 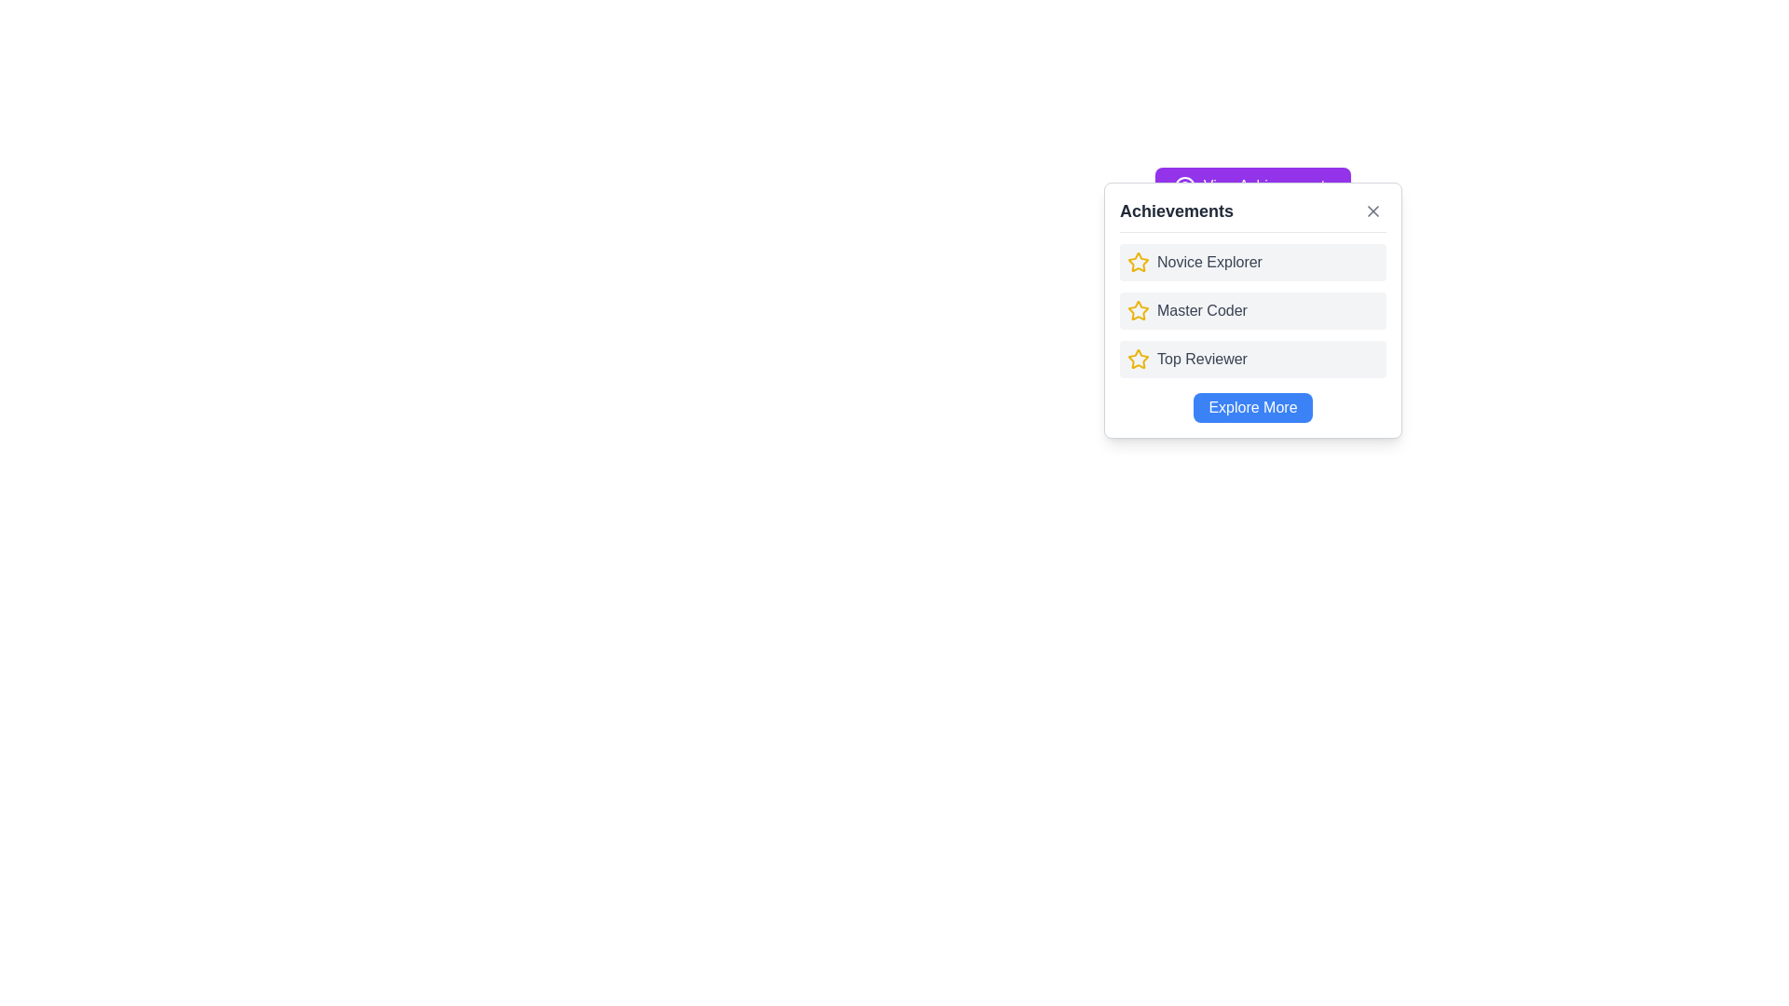 I want to click on the 'Top Reviewer' label, which is the third text label in a list of achievements displayed in a vertically arranged white box within a popup card titled 'Achievements', so click(x=1202, y=359).